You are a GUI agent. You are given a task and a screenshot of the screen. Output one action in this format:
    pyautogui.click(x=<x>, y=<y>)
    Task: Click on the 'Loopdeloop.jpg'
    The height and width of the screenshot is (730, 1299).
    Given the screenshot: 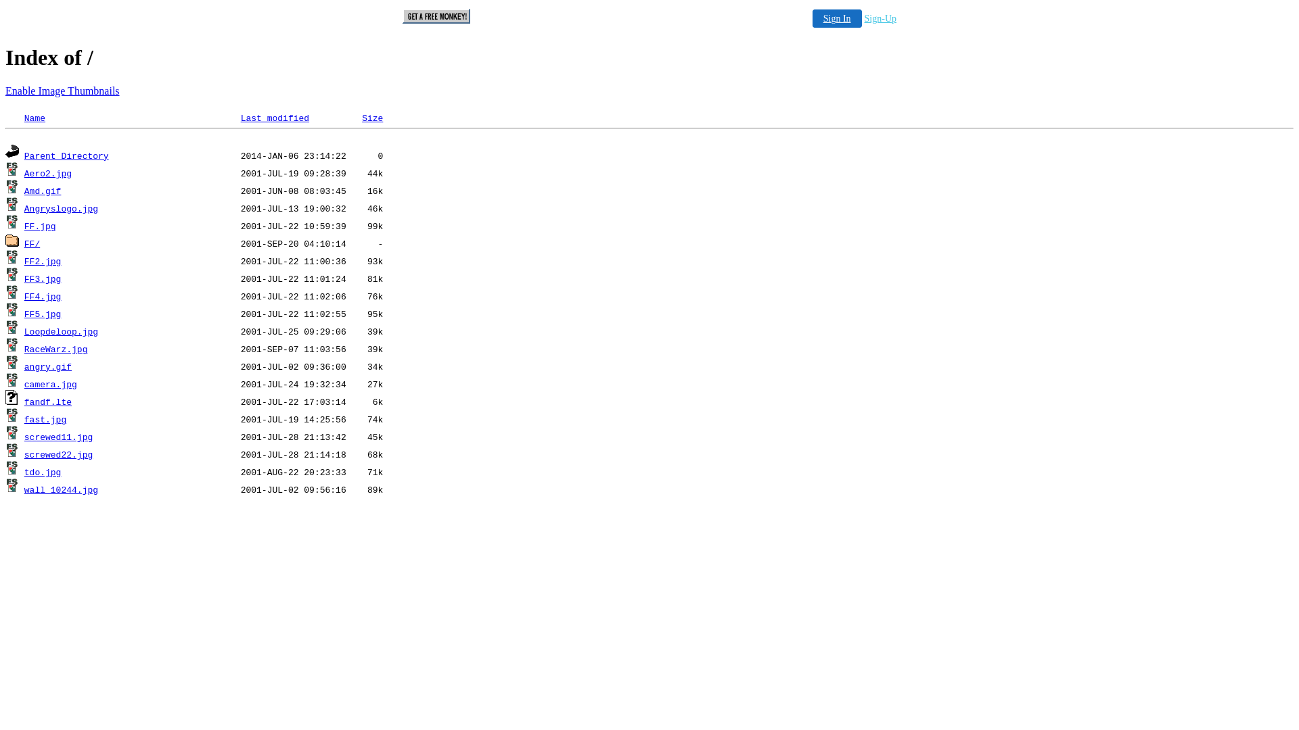 What is the action you would take?
    pyautogui.click(x=60, y=332)
    